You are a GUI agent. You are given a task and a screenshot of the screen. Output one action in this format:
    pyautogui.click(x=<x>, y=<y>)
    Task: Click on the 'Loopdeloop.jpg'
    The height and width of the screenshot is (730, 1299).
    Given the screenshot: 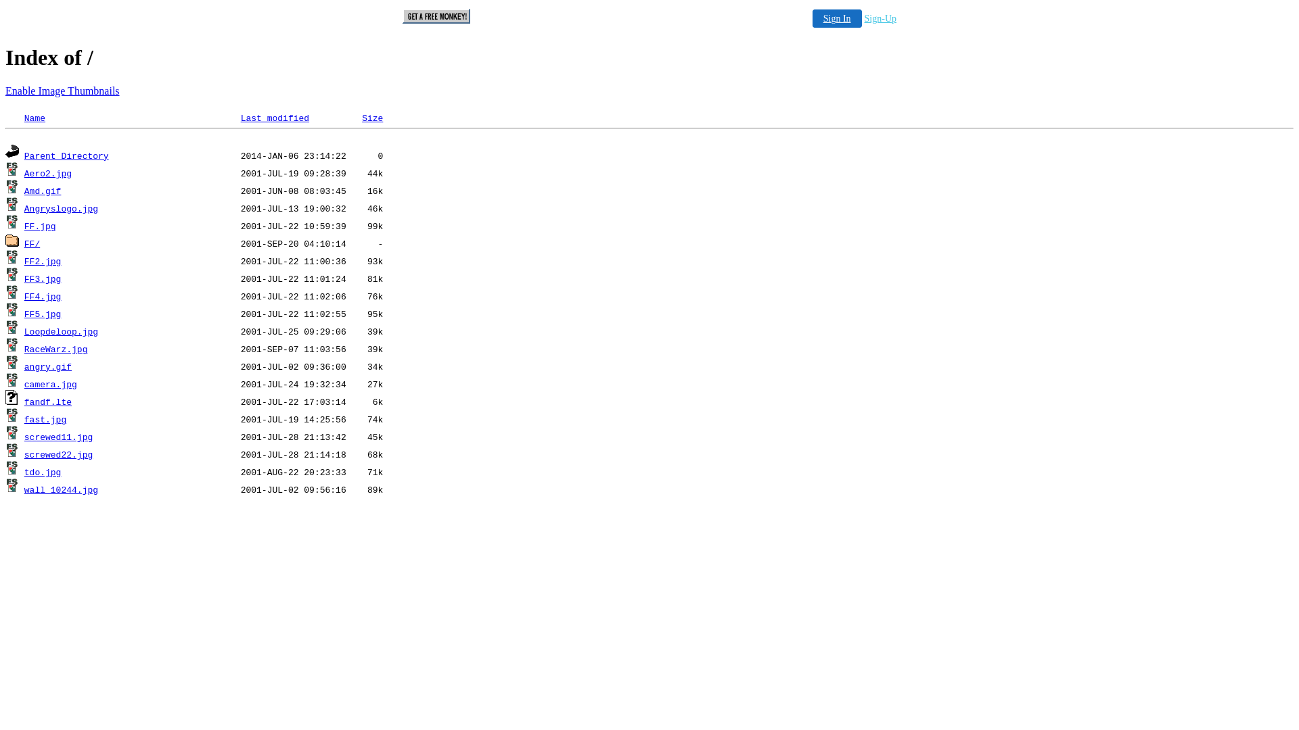 What is the action you would take?
    pyautogui.click(x=60, y=332)
    